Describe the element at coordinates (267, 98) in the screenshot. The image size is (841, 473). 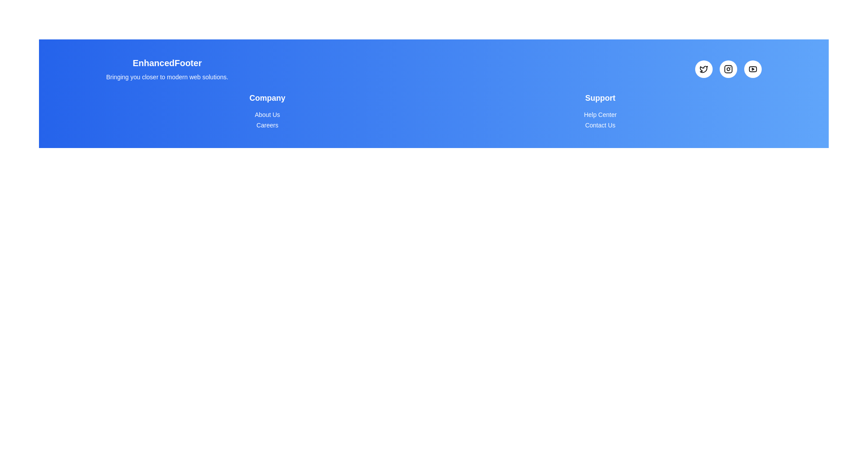
I see `the label located in the left section of the footer, which categorizes the links 'About Us' and 'Careers'` at that location.